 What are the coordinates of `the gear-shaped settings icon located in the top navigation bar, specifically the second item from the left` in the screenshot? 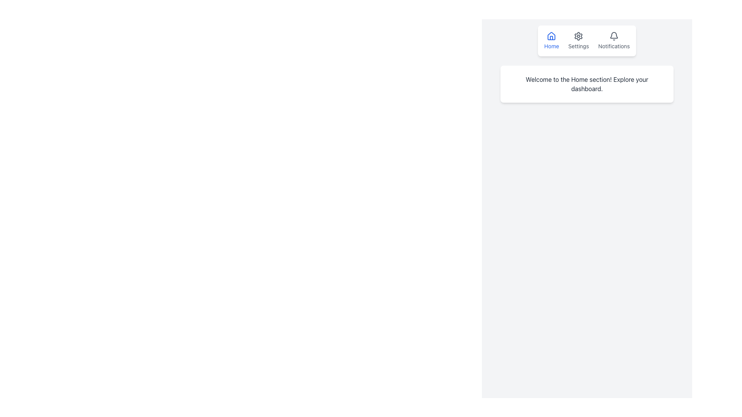 It's located at (579, 36).